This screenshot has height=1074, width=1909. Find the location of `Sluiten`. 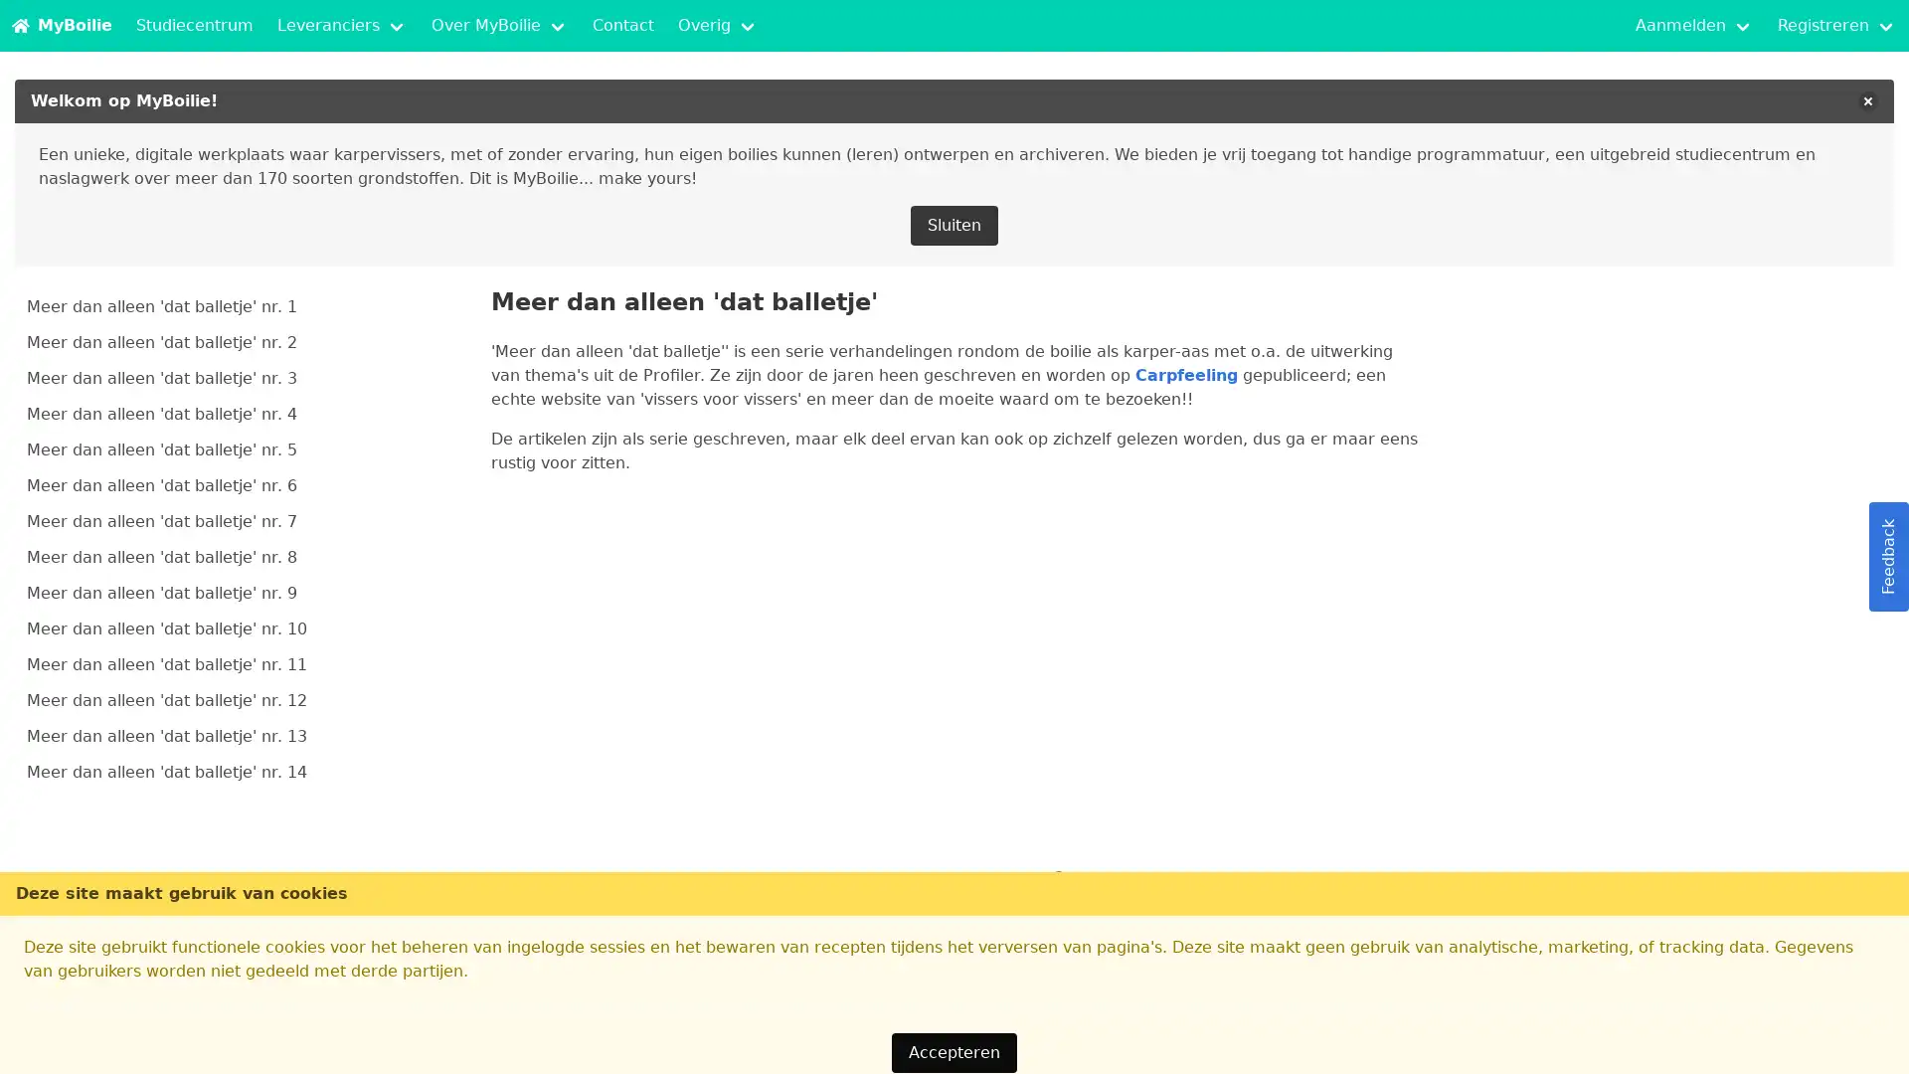

Sluiten is located at coordinates (954, 225).